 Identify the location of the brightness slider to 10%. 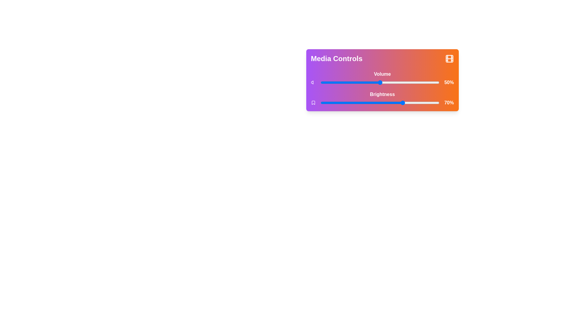
(332, 102).